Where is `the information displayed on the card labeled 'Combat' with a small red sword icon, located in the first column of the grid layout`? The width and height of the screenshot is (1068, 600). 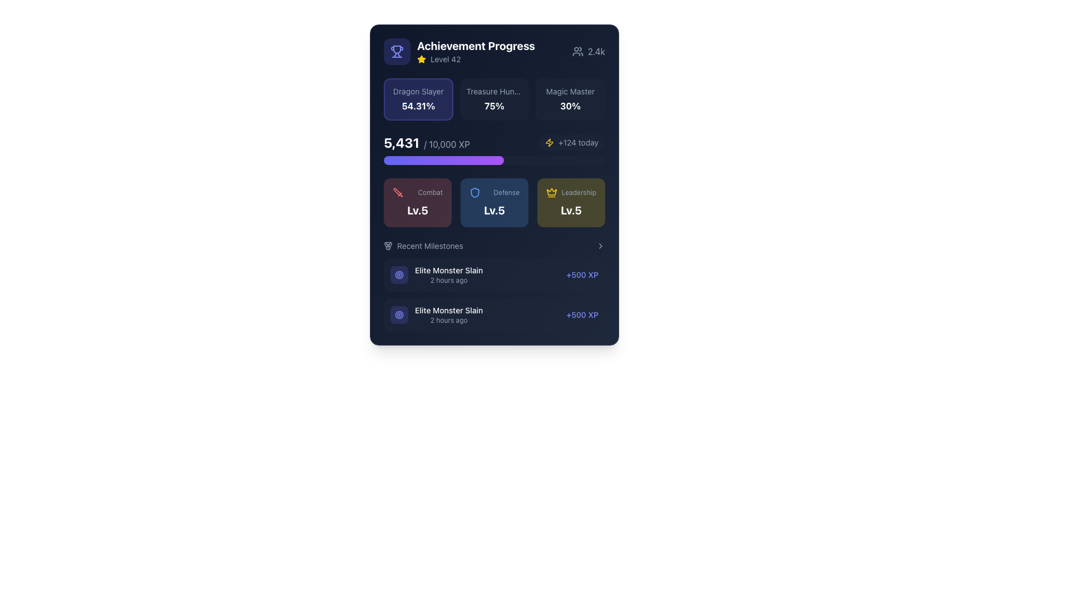 the information displayed on the card labeled 'Combat' with a small red sword icon, located in the first column of the grid layout is located at coordinates (417, 203).